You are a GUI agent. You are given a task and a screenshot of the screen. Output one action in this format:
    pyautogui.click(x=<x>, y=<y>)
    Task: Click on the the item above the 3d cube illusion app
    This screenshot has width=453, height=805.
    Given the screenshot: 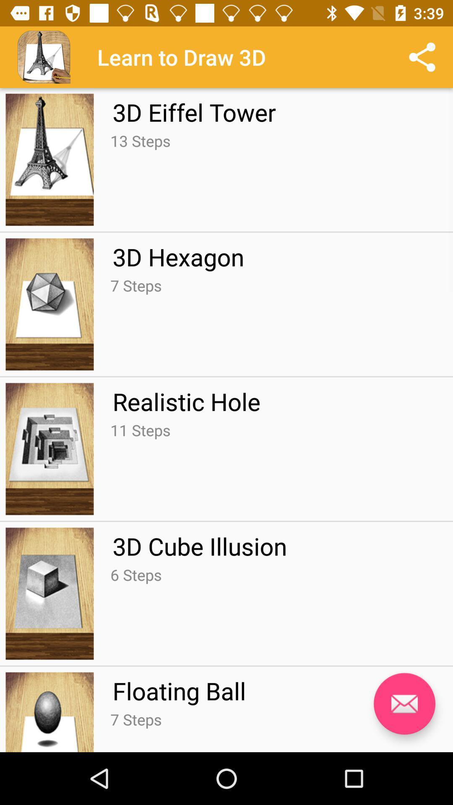 What is the action you would take?
    pyautogui.click(x=140, y=430)
    